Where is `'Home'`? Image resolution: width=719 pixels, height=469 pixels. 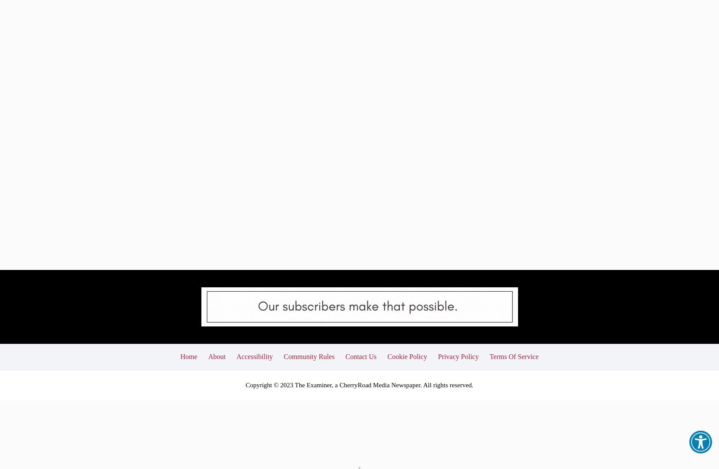 'Home' is located at coordinates (188, 296).